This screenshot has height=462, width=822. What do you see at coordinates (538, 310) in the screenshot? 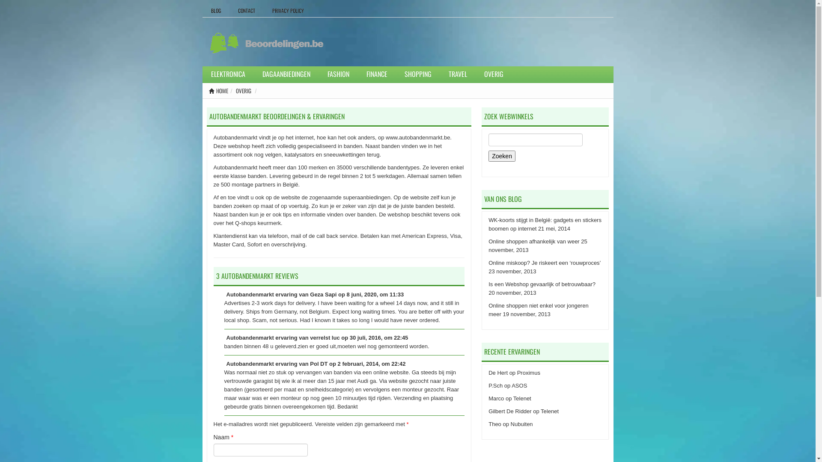
I see `'Online shoppen niet enkel voor jongeren meer'` at bounding box center [538, 310].